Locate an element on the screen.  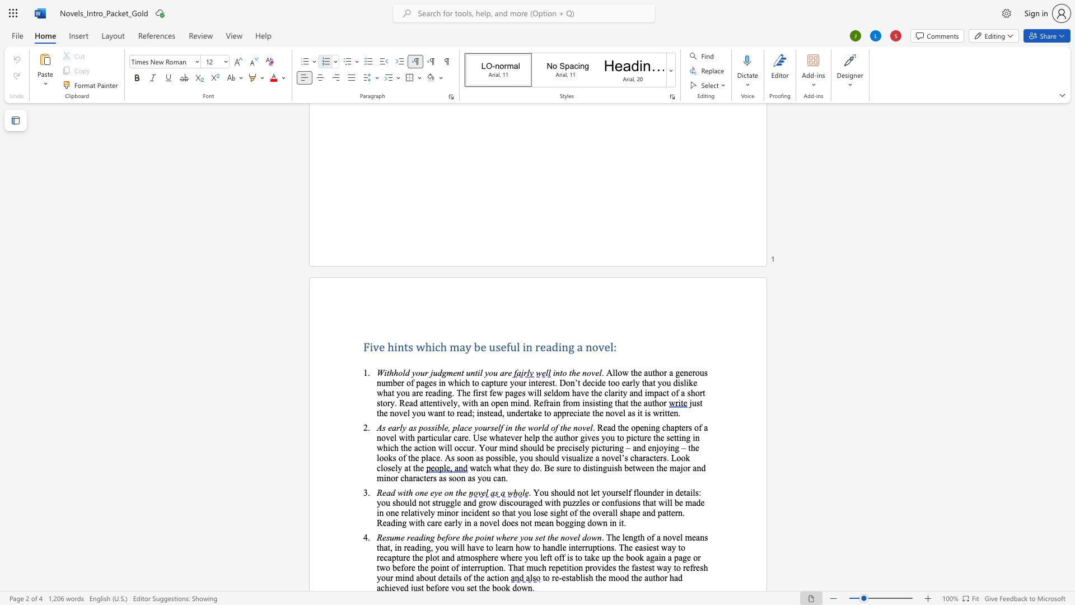
the 9th character "e" in the text is located at coordinates (540, 537).